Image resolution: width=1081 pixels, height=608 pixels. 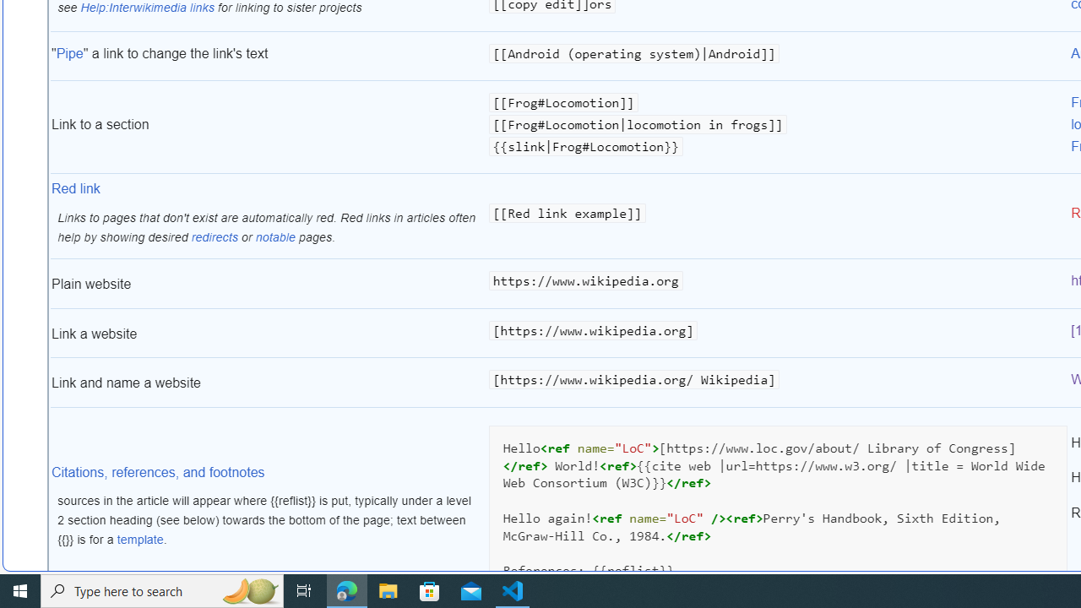 I want to click on '[https://www.wikipedia.org/ Wikipedia]', so click(x=777, y=383).